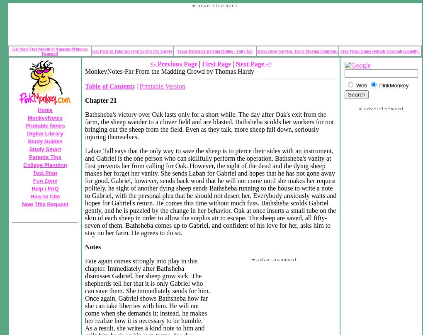  Describe the element at coordinates (44, 118) in the screenshot. I see `'MonkeyNotes'` at that location.